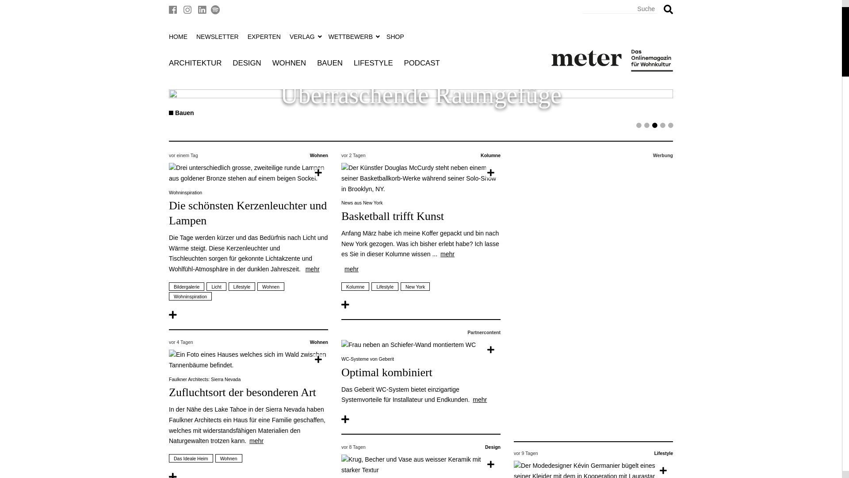 The width and height of the screenshot is (849, 478). What do you see at coordinates (179, 36) in the screenshot?
I see `'HOME'` at bounding box center [179, 36].